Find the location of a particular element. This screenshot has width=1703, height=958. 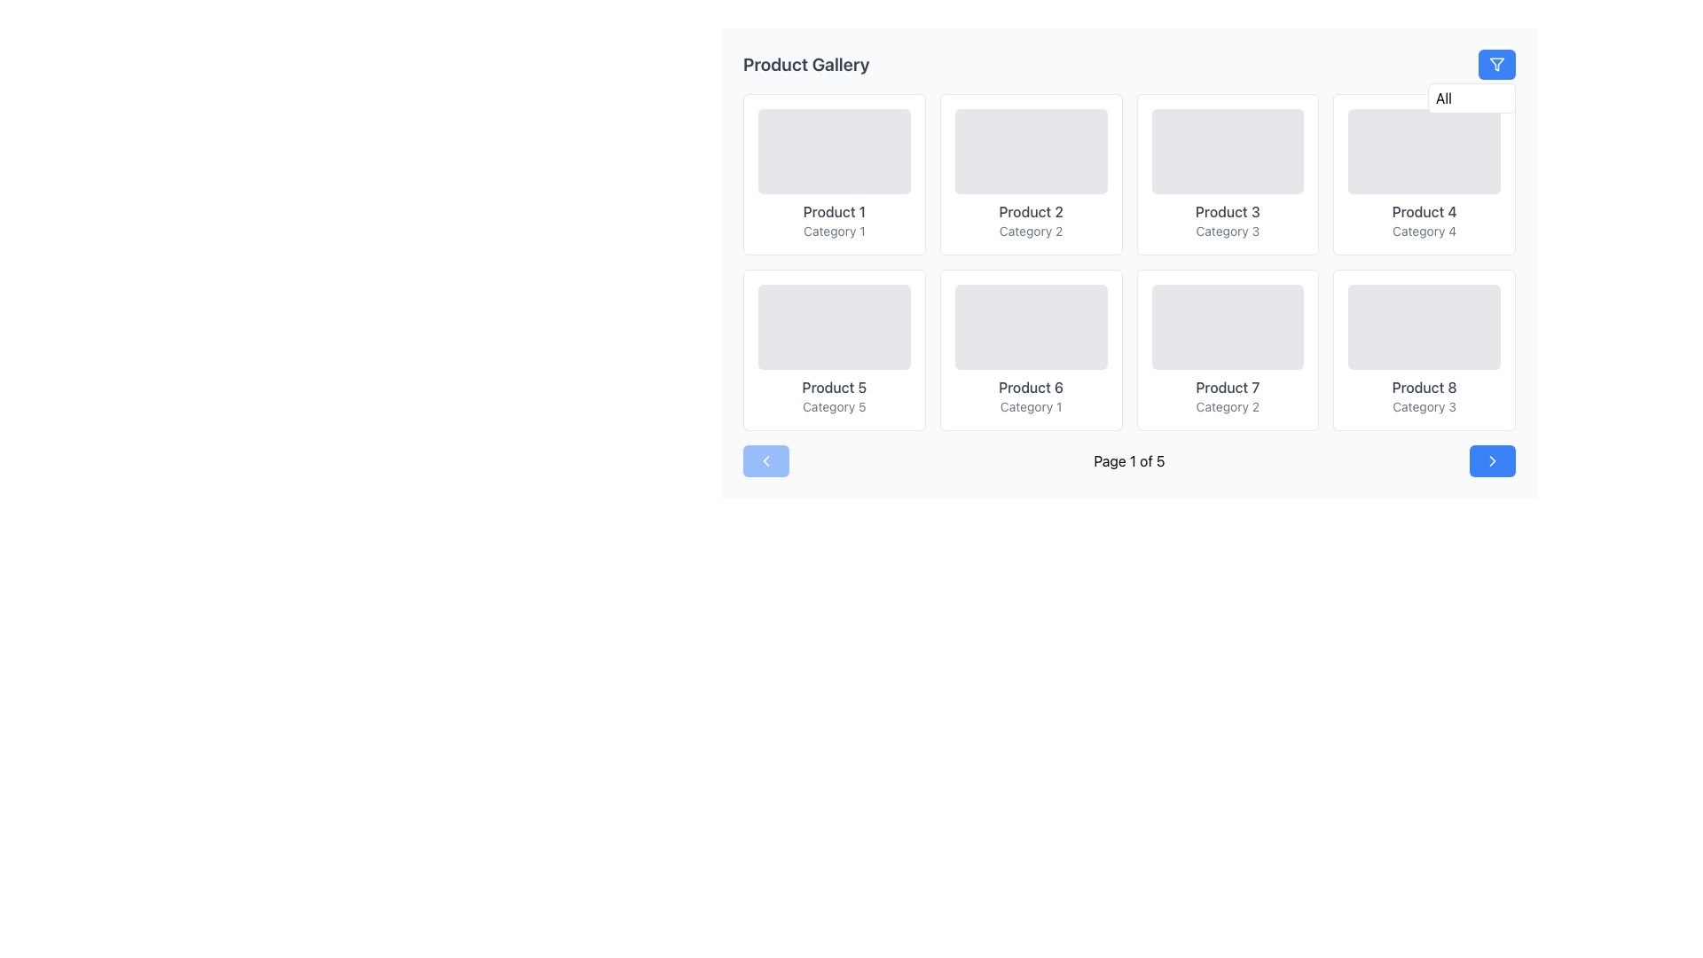

the product card representing the sixth item in a gallery grid layout is located at coordinates (1031, 349).